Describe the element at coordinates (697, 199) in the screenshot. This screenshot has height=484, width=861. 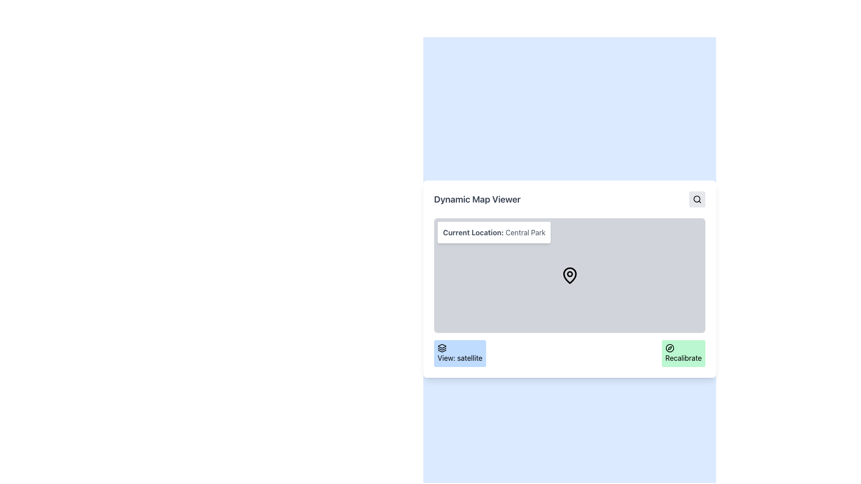
I see `the search icon button, which is a circular magnifying glass icon located within a light gray rectangular button at the top-right corner of the interface, to observe the hover effect` at that location.